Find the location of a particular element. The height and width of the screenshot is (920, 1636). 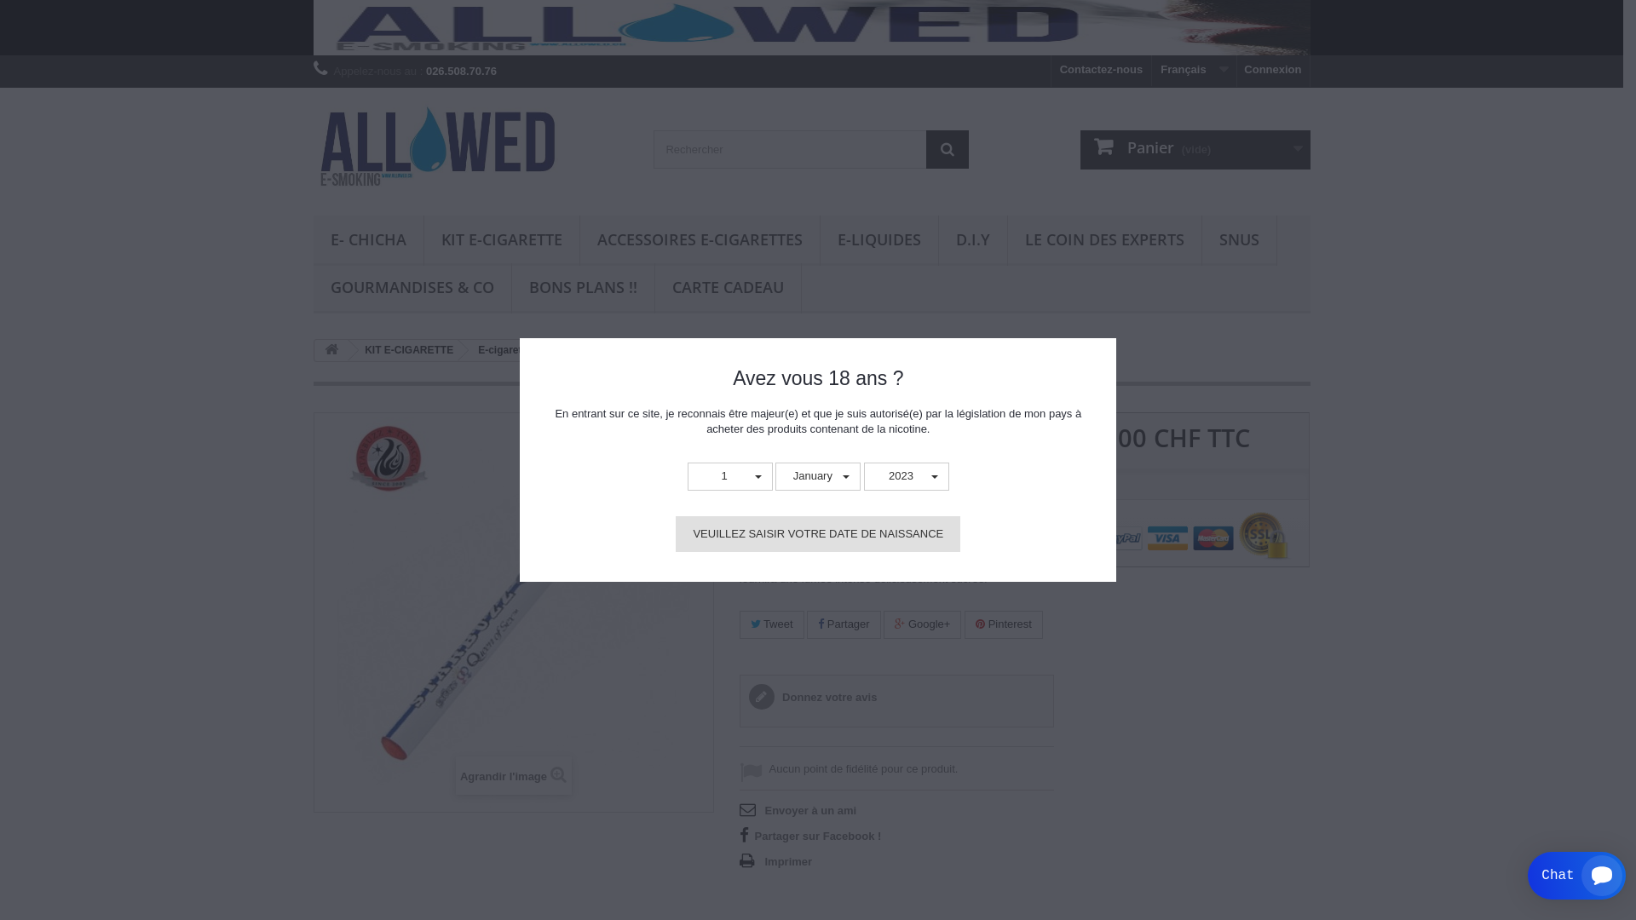

'BONS PLANS !!' is located at coordinates (510, 287).